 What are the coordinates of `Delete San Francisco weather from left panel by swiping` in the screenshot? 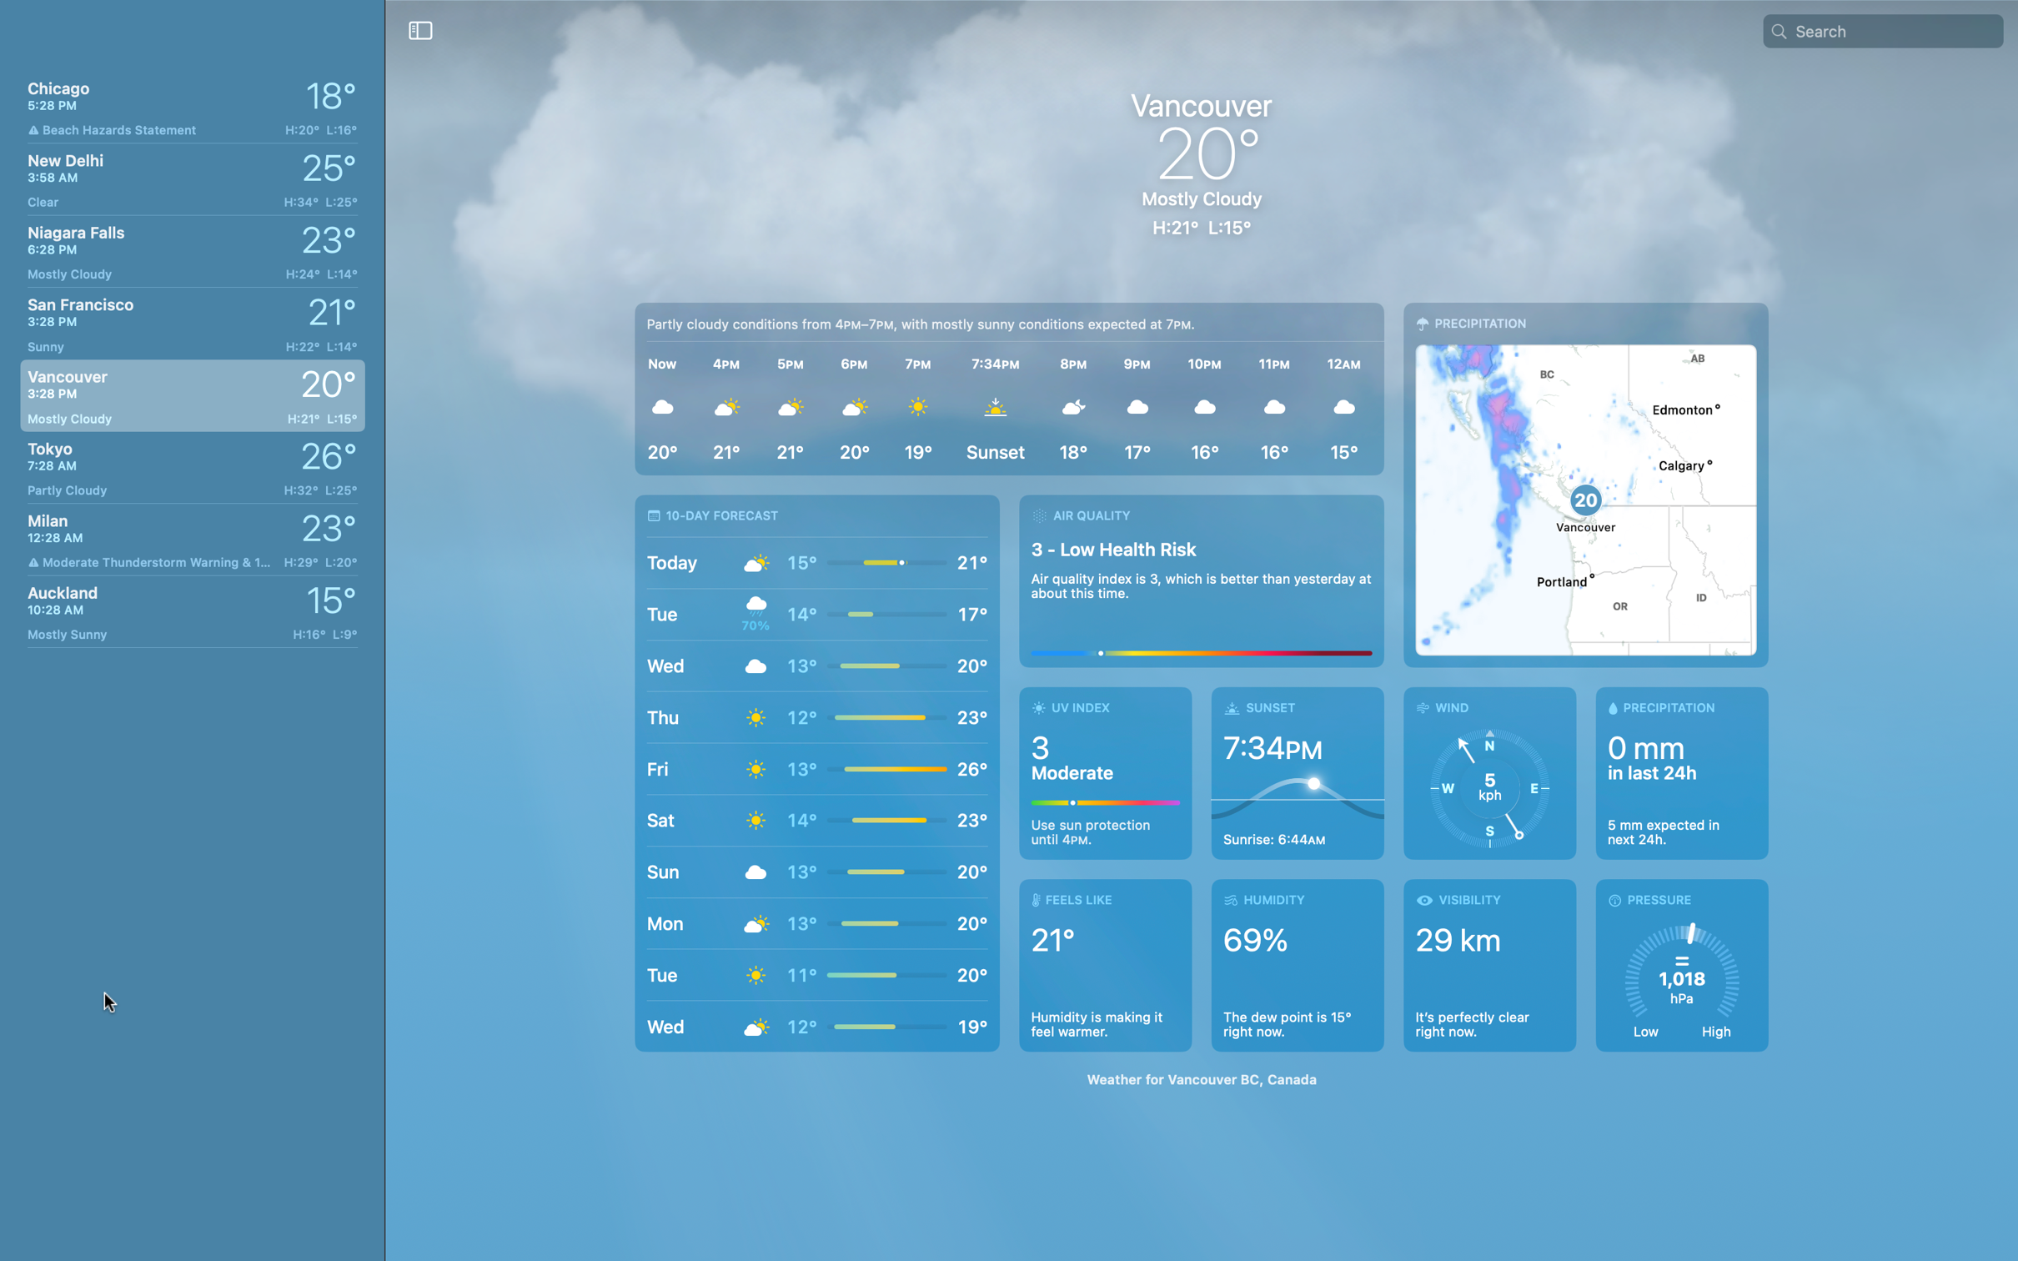 It's located at (637688, 669591).